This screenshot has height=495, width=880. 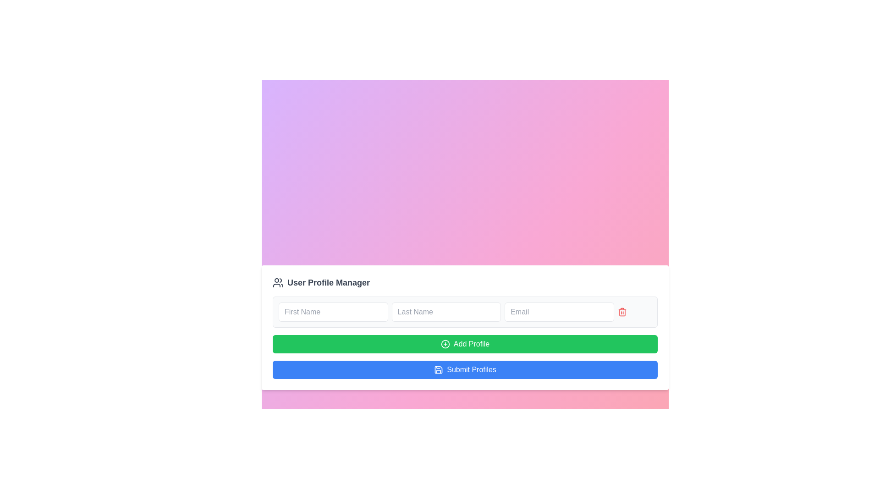 What do you see at coordinates (445, 344) in the screenshot?
I see `the circular icon with a plus sign in its center, which is centrally aligned within the green 'Add Profile' button` at bounding box center [445, 344].